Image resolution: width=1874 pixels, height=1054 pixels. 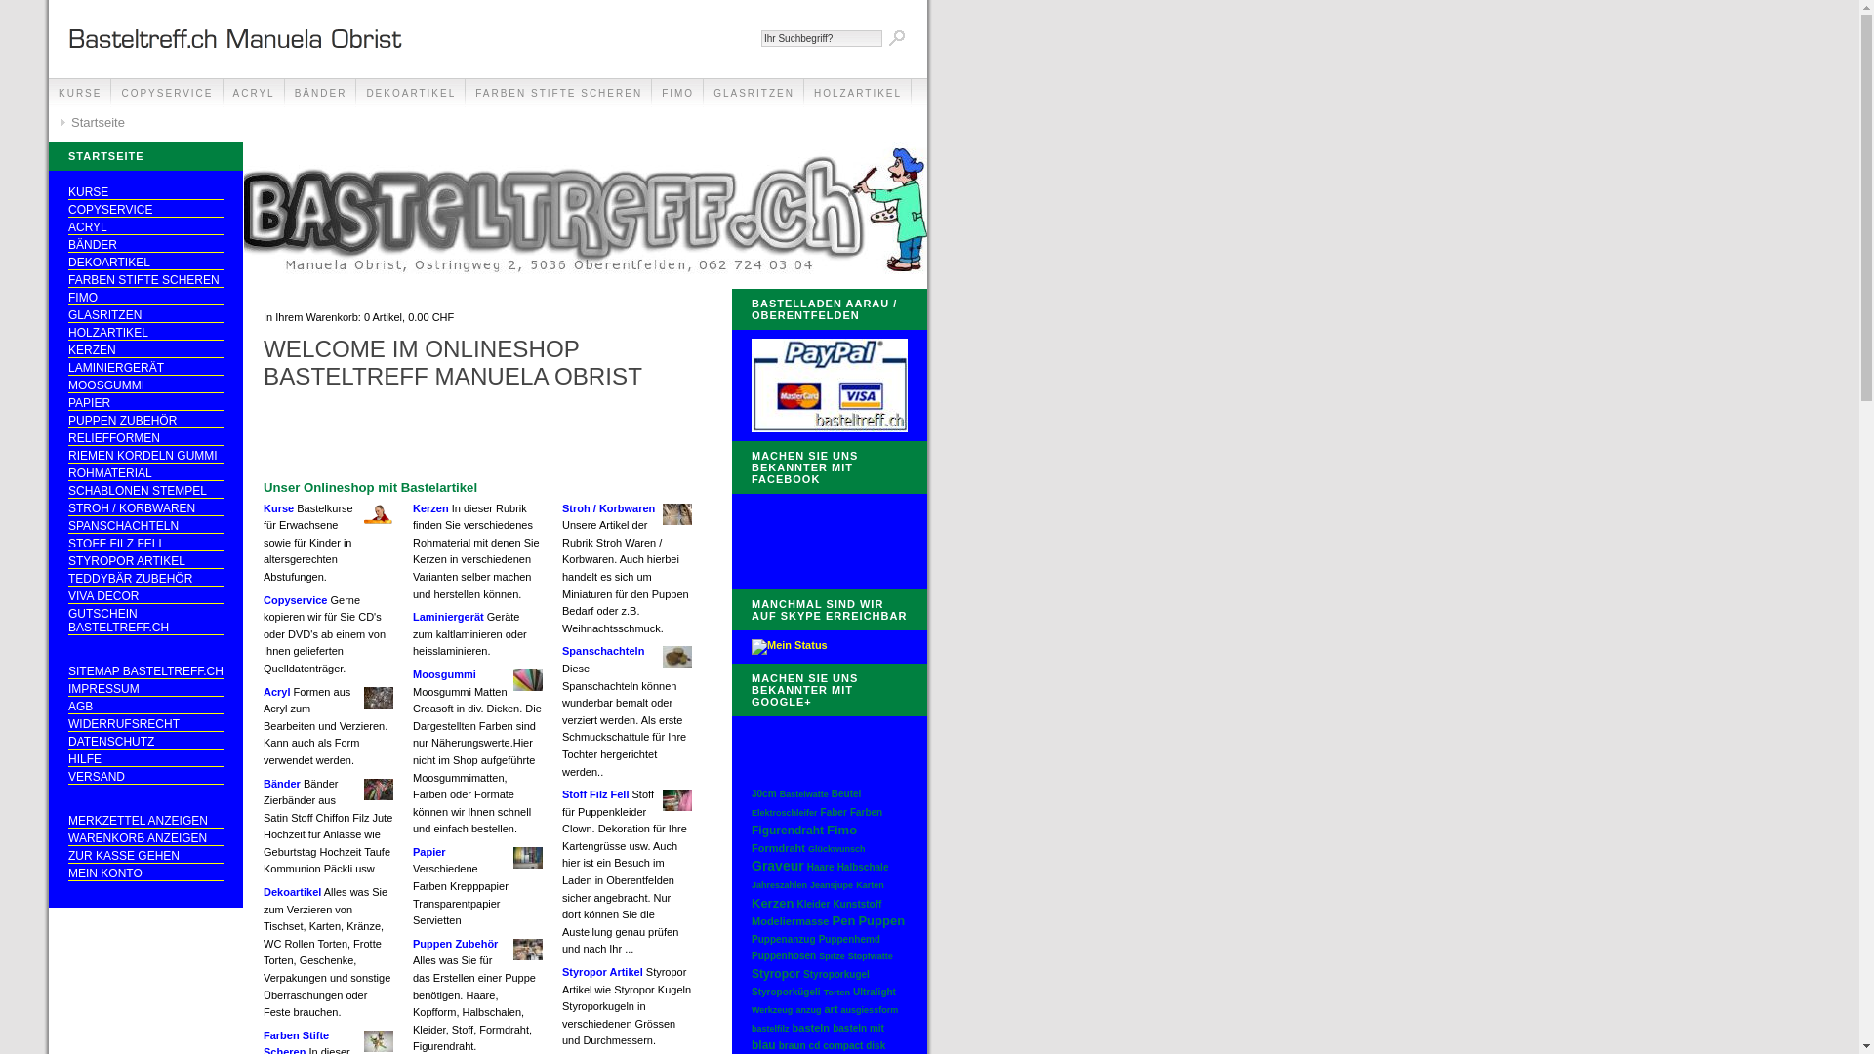 What do you see at coordinates (846, 793) in the screenshot?
I see `'Beutel'` at bounding box center [846, 793].